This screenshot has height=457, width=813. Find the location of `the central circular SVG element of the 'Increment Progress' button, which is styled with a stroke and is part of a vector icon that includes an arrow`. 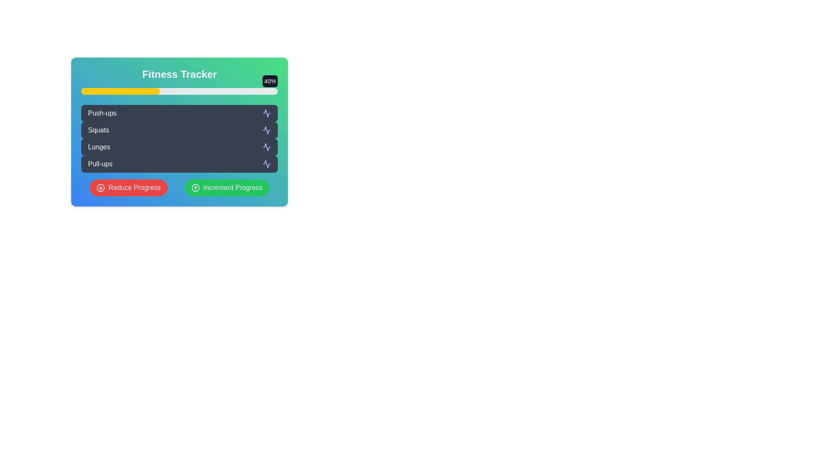

the central circular SVG element of the 'Increment Progress' button, which is styled with a stroke and is part of a vector icon that includes an arrow is located at coordinates (195, 187).